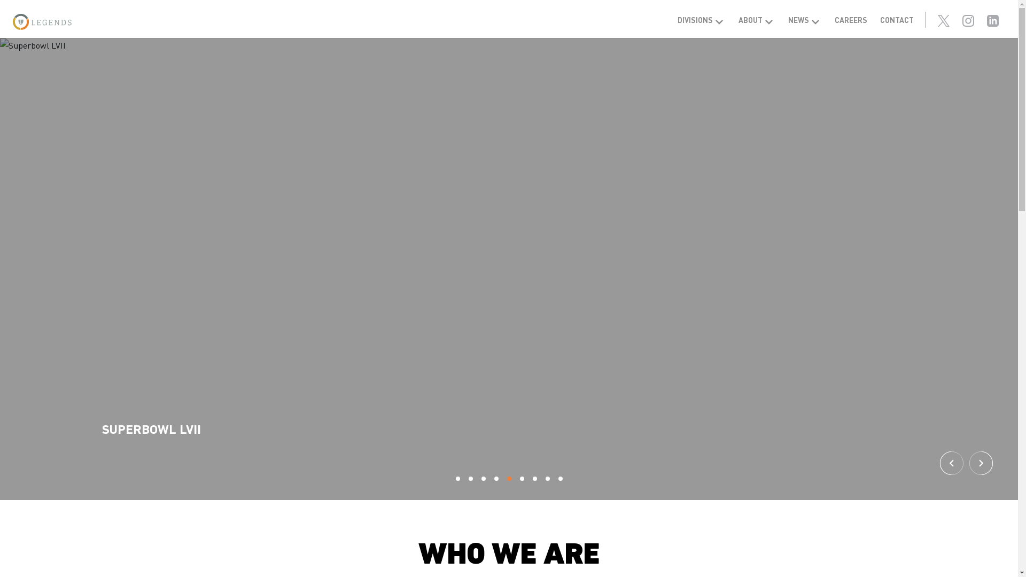  I want to click on 'CAREERS', so click(850, 20).